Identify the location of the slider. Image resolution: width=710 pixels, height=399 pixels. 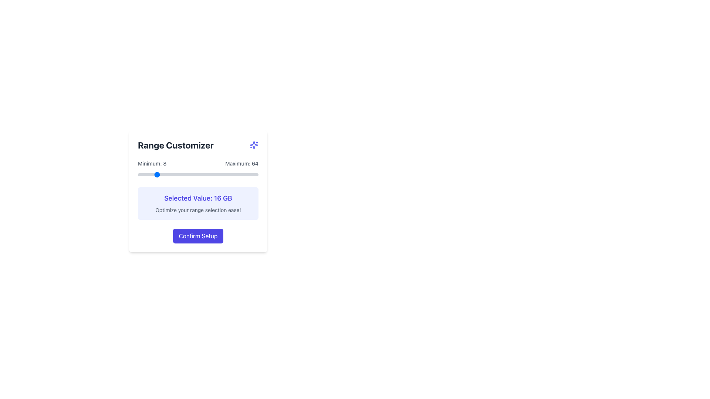
(241, 175).